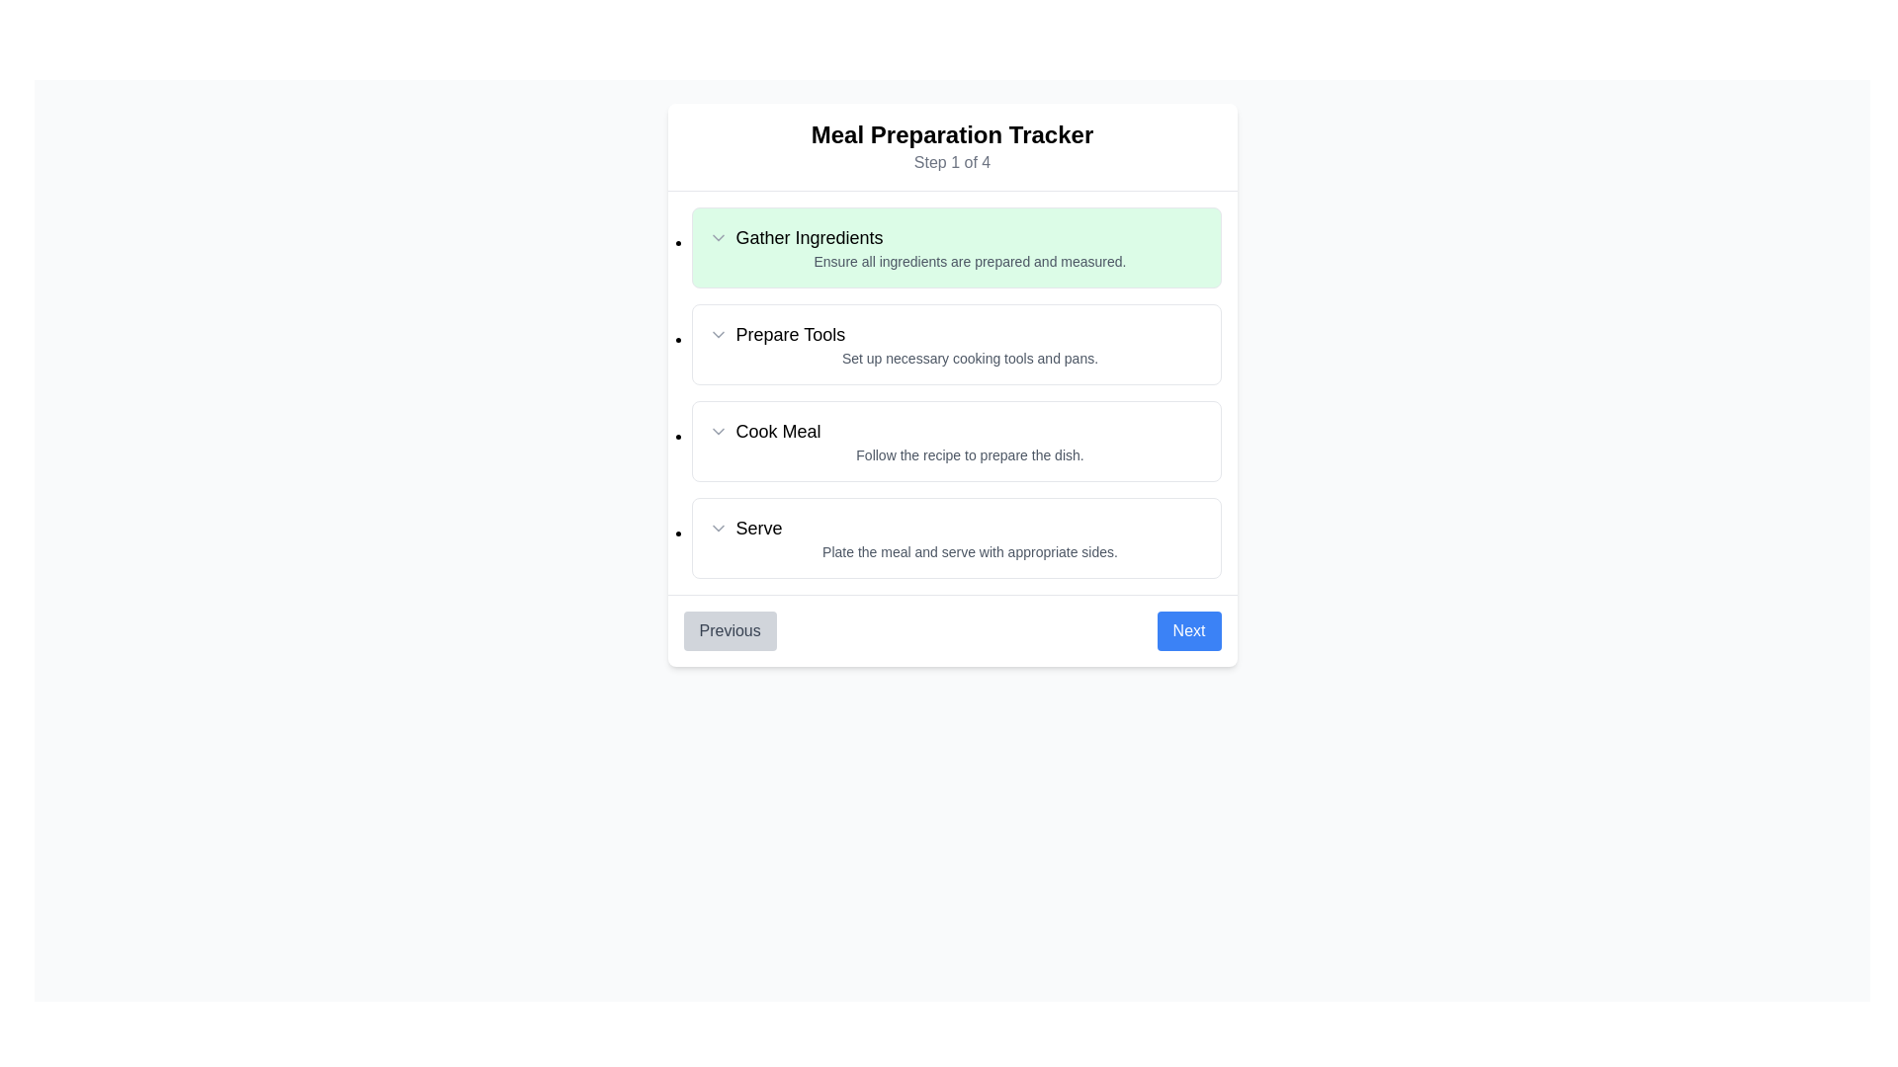 The image size is (1898, 1067). What do you see at coordinates (956, 441) in the screenshot?
I see `descriptive text of the list item titled 'Cook Meal' with the description 'Follow the recipe to prepare the dish.'` at bounding box center [956, 441].